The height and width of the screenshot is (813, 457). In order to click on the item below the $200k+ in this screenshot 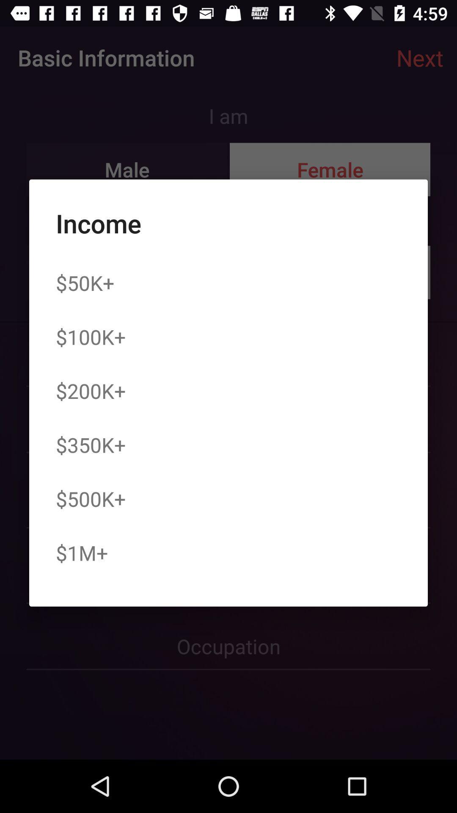, I will do `click(91, 444)`.